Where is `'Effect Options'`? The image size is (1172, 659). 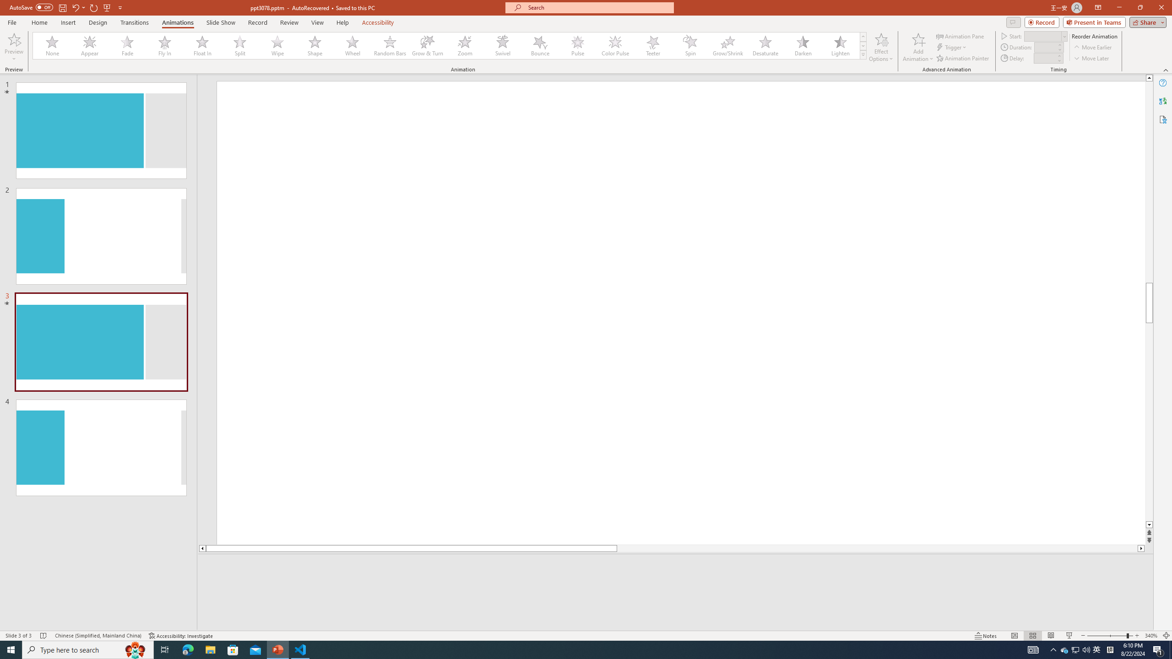
'Effect Options' is located at coordinates (881, 47).